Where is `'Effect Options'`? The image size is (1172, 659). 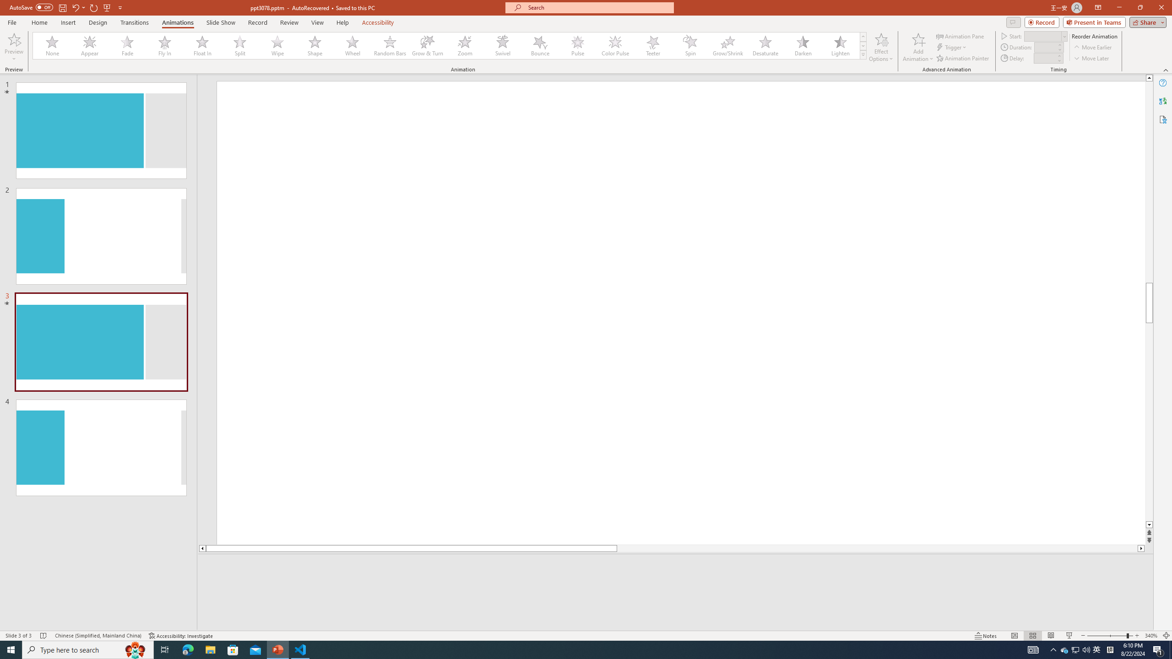
'Effect Options' is located at coordinates (881, 47).